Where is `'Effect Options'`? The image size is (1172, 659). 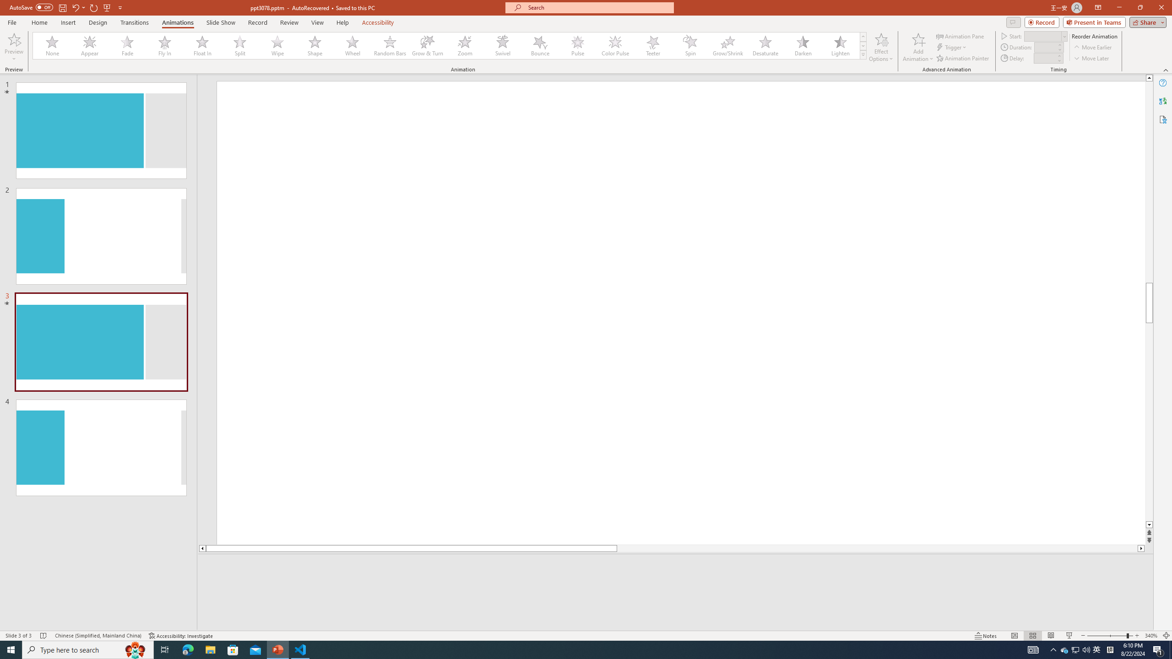
'Effect Options' is located at coordinates (881, 47).